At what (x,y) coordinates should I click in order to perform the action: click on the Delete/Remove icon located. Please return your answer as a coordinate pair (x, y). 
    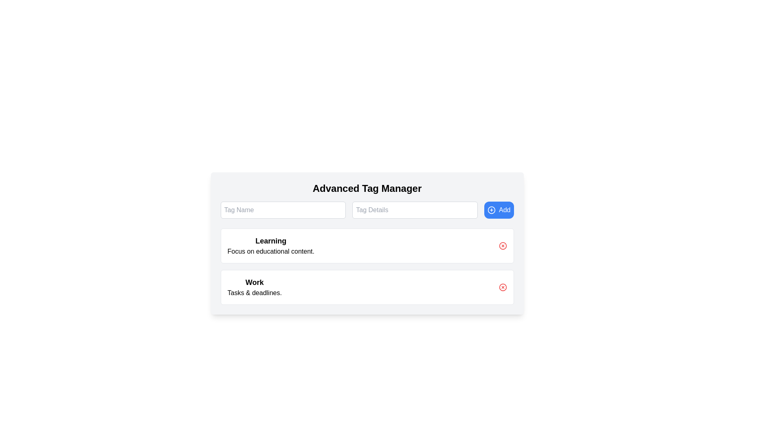
    Looking at the image, I should click on (502, 287).